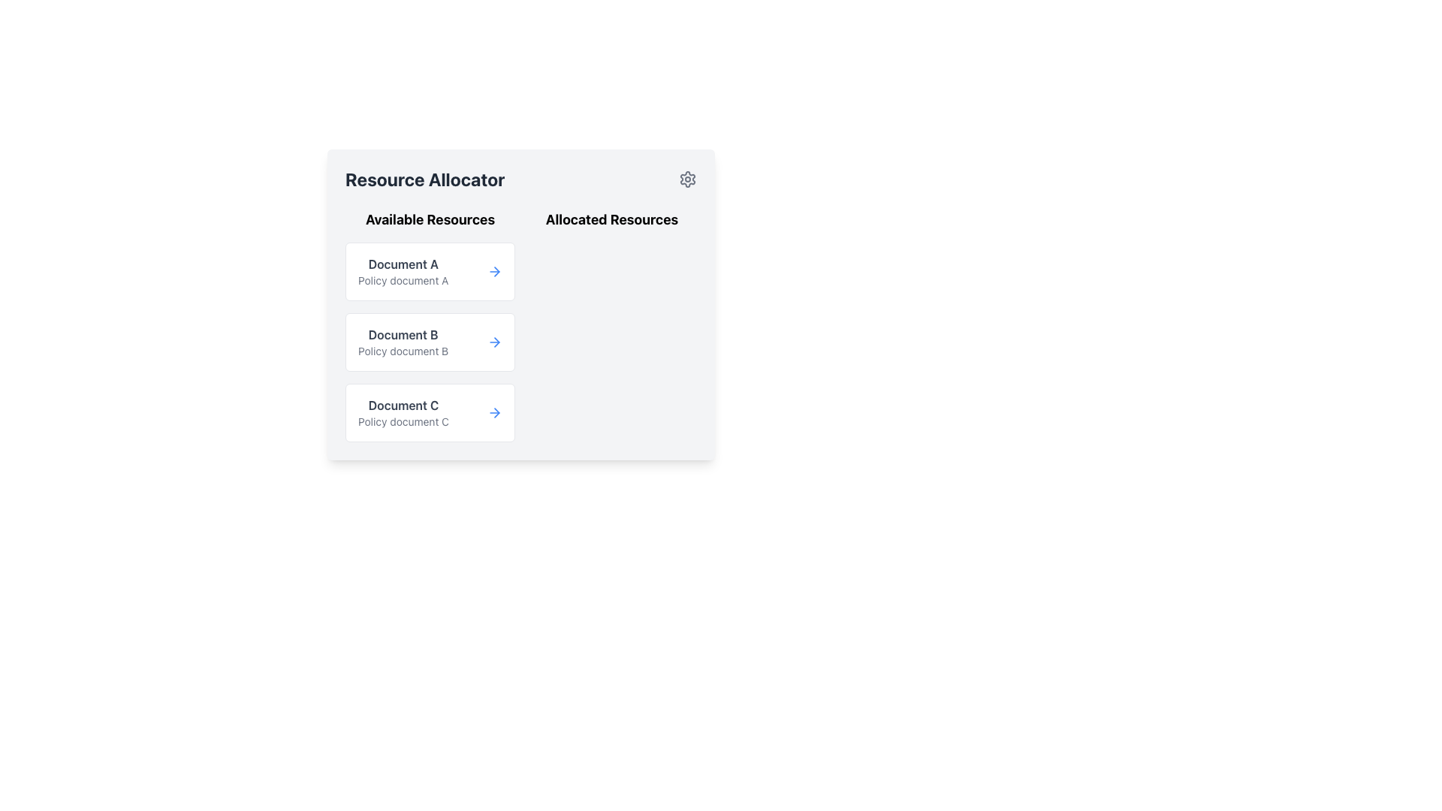 The width and height of the screenshot is (1442, 811). I want to click on the second item in the 'Available Resources' group, which contains a bold title in dark gray, a smaller description in light gray, and a blue arrow icon on the right side, so click(429, 342).